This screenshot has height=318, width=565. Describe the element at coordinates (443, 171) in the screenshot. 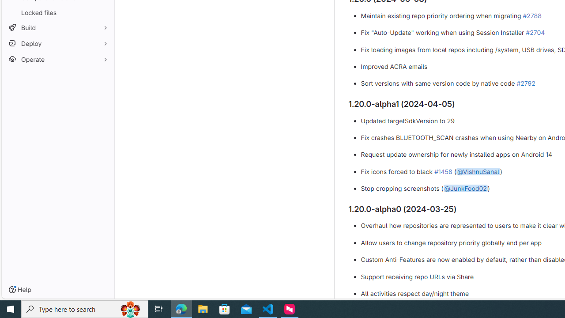

I see `'#1458'` at that location.